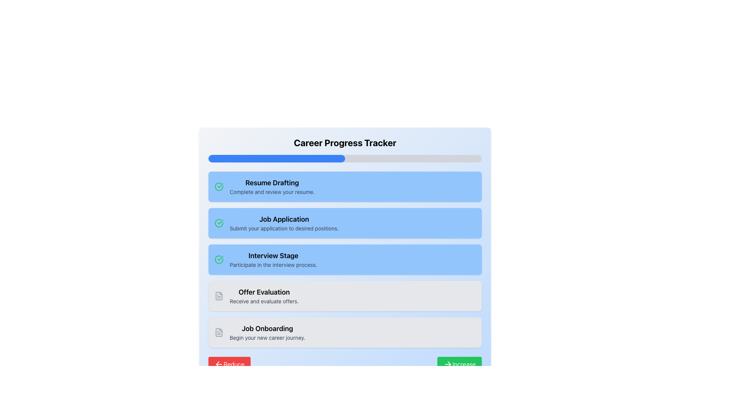 The height and width of the screenshot is (410, 729). Describe the element at coordinates (218, 222) in the screenshot. I see `the green circular icon with a checkmark located to the left of the 'Job Application' text, which signifies a positive or completion status` at that location.